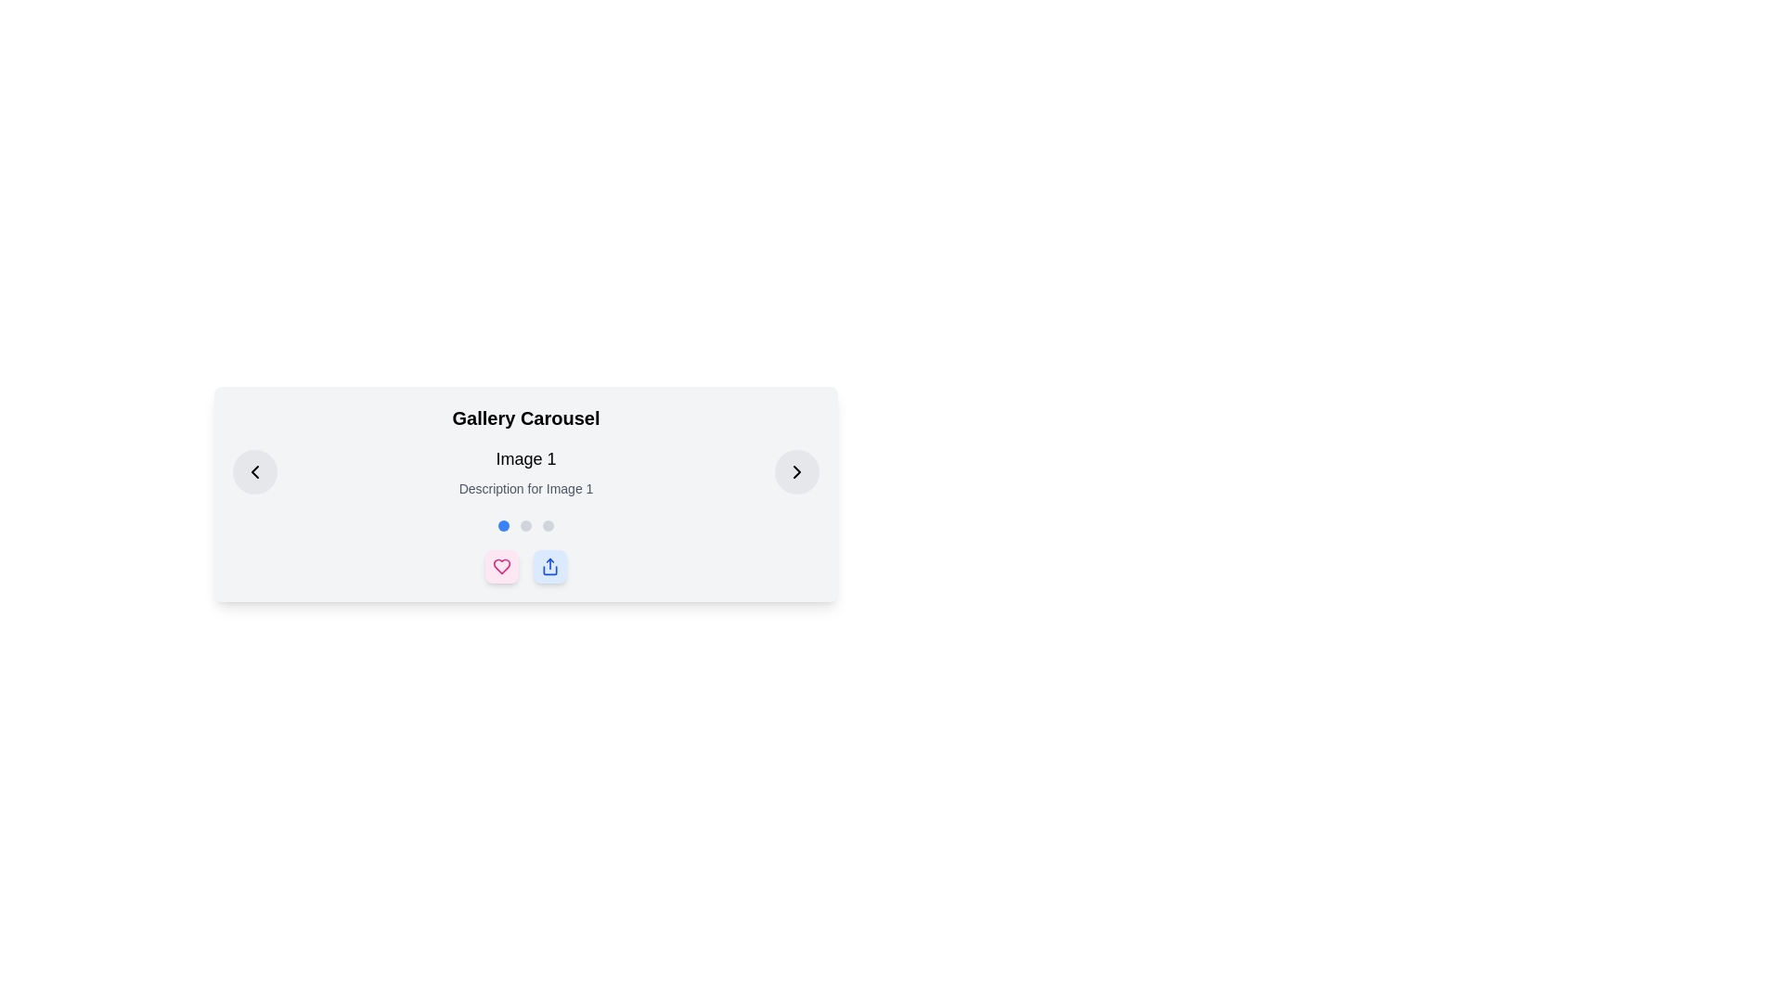 The image size is (1782, 1002). Describe the element at coordinates (549, 565) in the screenshot. I see `the 'Share' button, which is the second icon in a horizontal pair of buttons located below the pagination indicators in the card layout, positioned to the right of a heart icon` at that location.